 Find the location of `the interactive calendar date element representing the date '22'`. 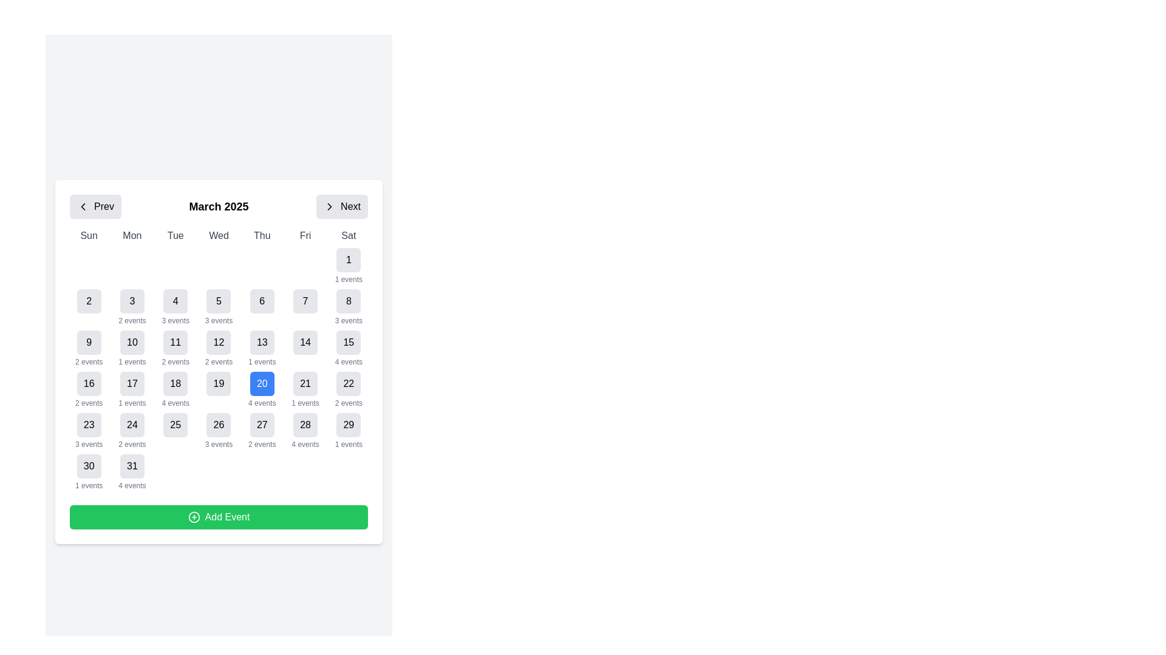

the interactive calendar date element representing the date '22' is located at coordinates (348, 383).